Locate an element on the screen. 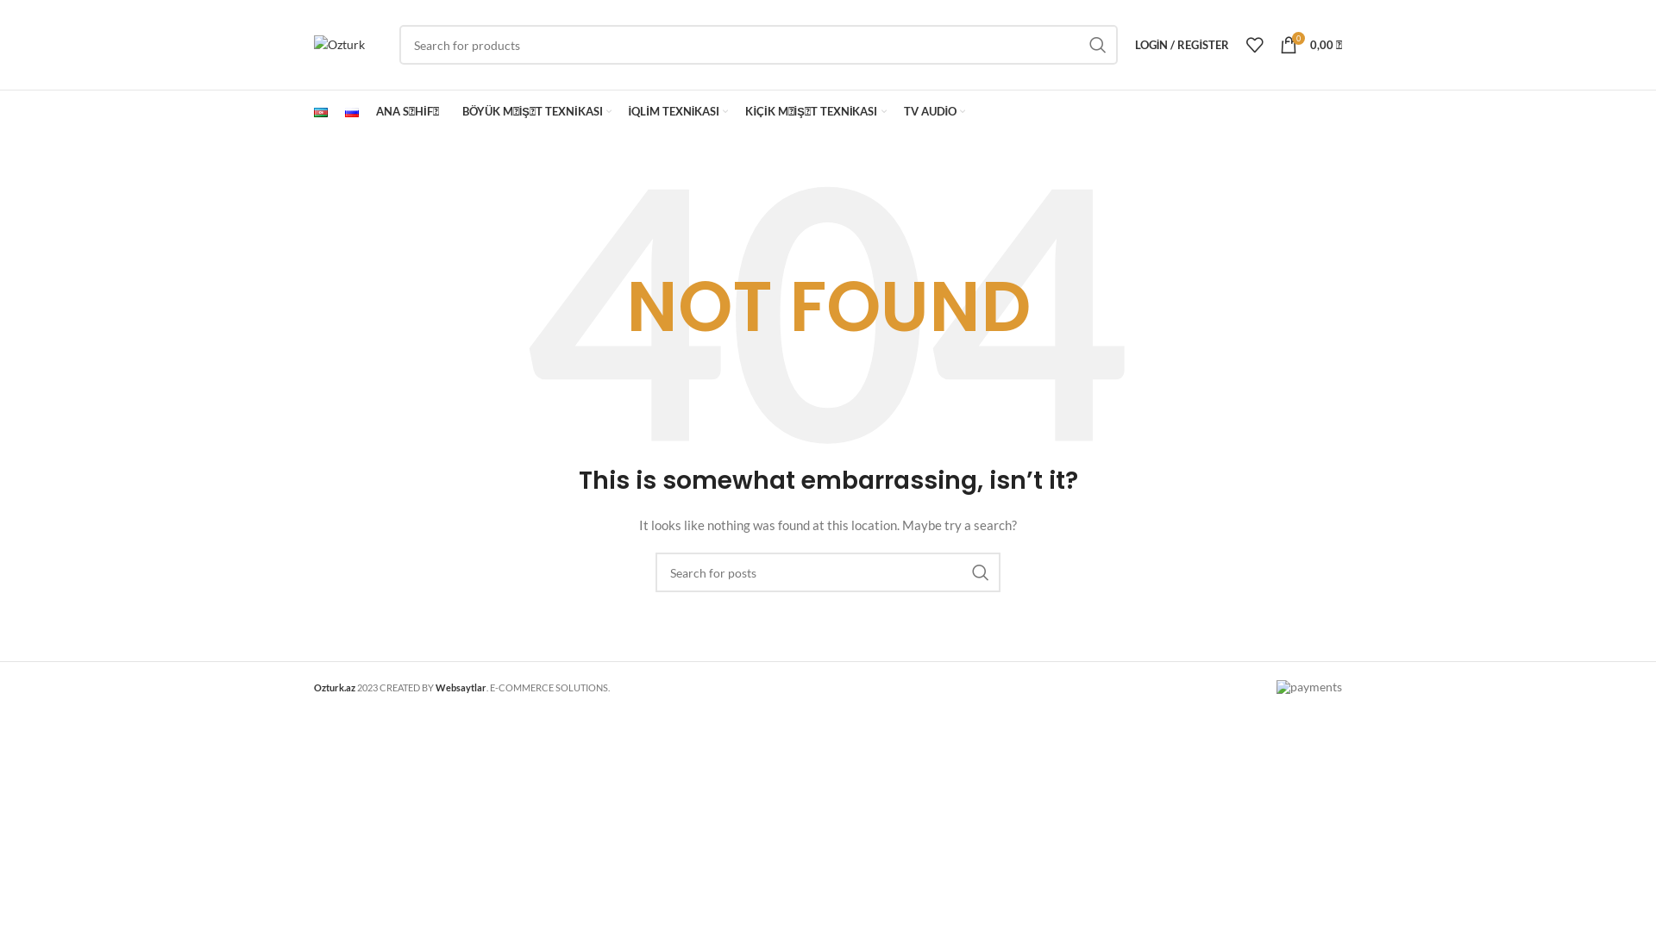 The width and height of the screenshot is (1656, 931). 'My Wishlist' is located at coordinates (1254, 43).